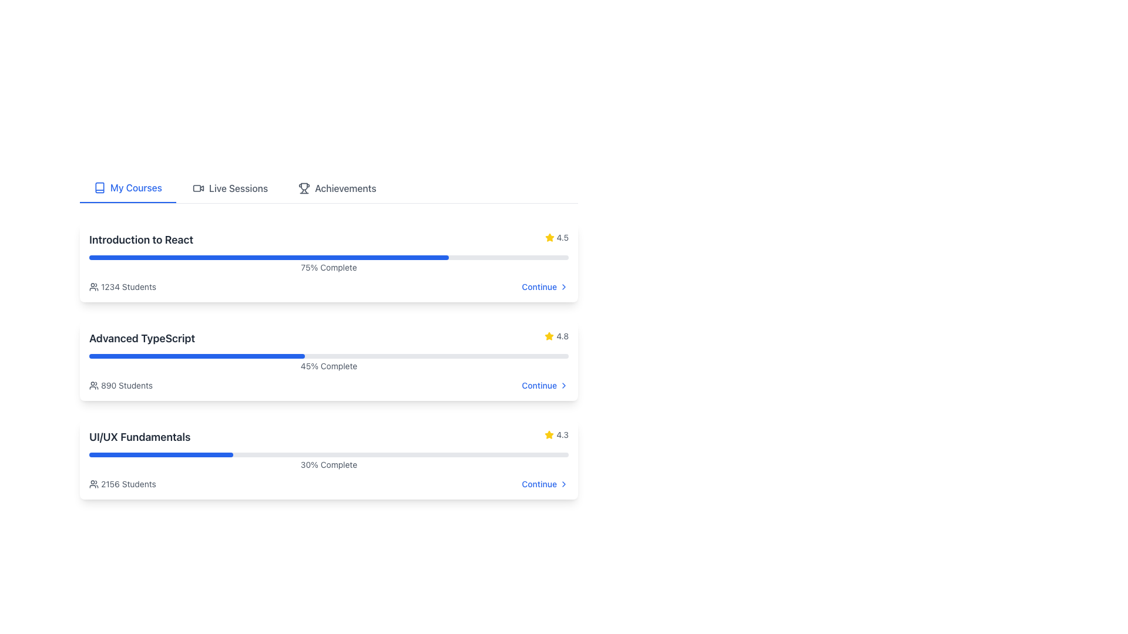 This screenshot has width=1128, height=634. What do you see at coordinates (345, 187) in the screenshot?
I see `the 'Achievements' text label in the navigation bar, which is located to the right of the 'Live Sessions' label and adjacent to a trophy icon` at bounding box center [345, 187].